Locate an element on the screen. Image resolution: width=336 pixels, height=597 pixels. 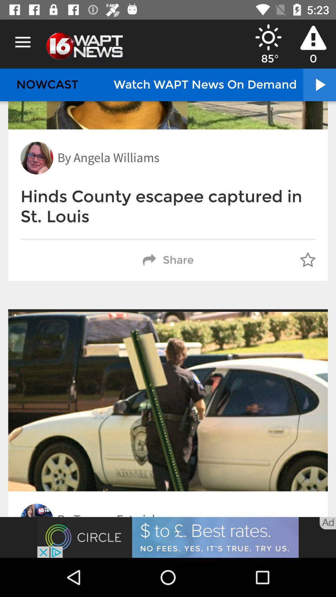
the picture is located at coordinates (168, 537).